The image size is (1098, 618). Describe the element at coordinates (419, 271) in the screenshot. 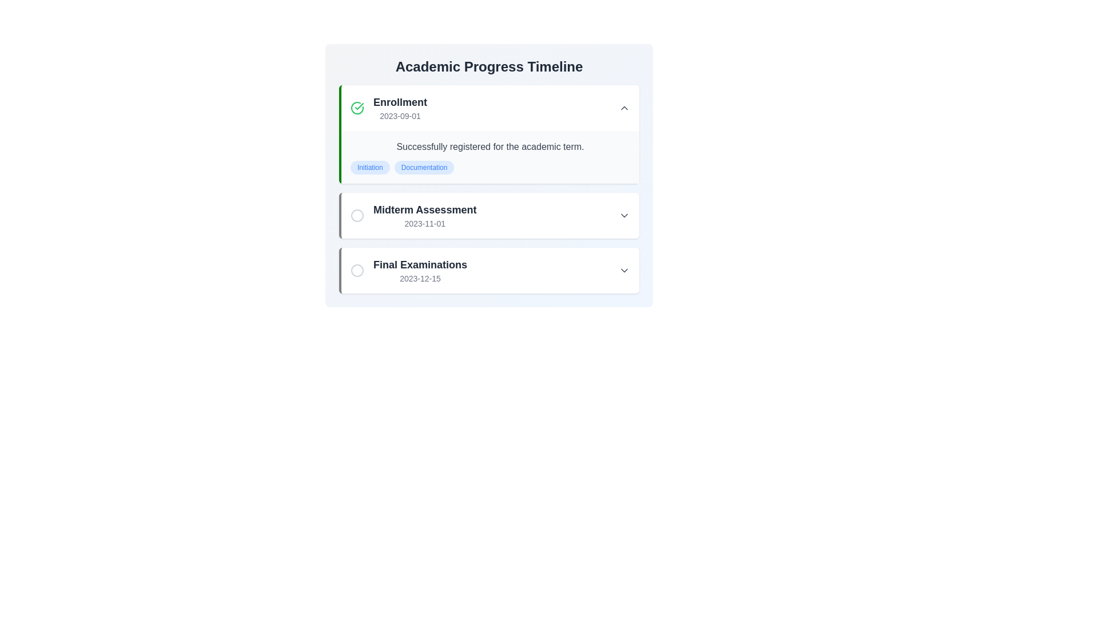

I see `text content of the Text block with stacked labels that provides information about the final examinations, located in the third row of the vertical timeline` at that location.